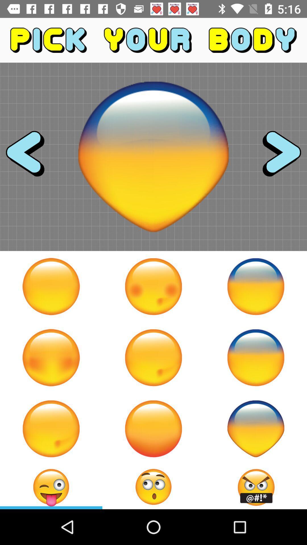 The width and height of the screenshot is (307, 545). What do you see at coordinates (153, 286) in the screenshot?
I see `face with round blush` at bounding box center [153, 286].